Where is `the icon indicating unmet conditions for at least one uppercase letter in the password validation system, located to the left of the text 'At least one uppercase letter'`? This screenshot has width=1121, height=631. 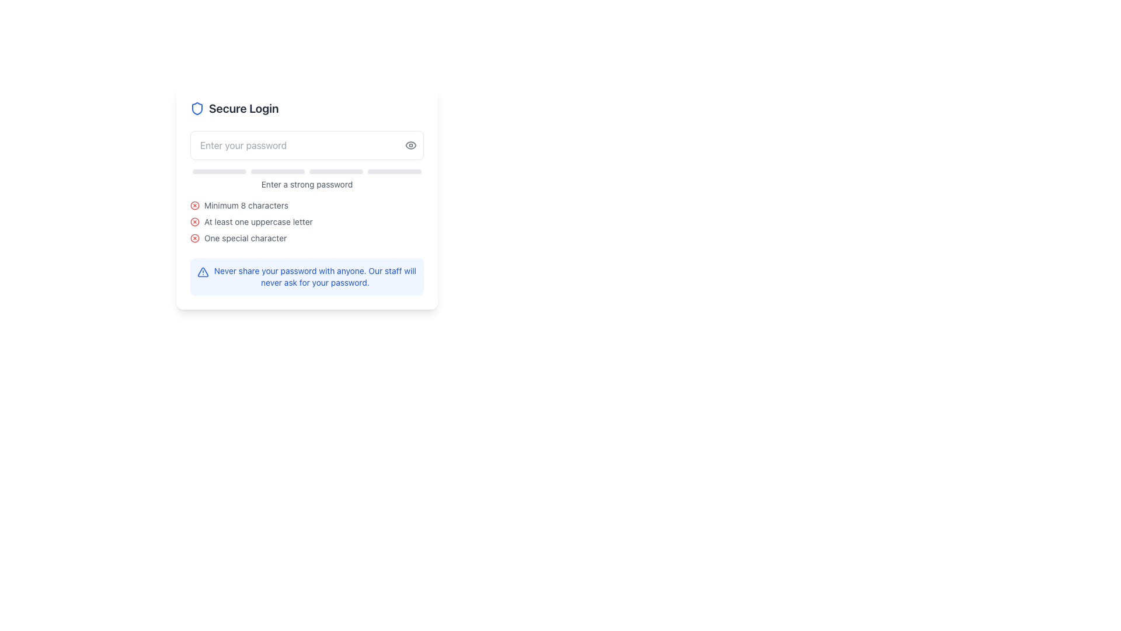 the icon indicating unmet conditions for at least one uppercase letter in the password validation system, located to the left of the text 'At least one uppercase letter' is located at coordinates (195, 222).